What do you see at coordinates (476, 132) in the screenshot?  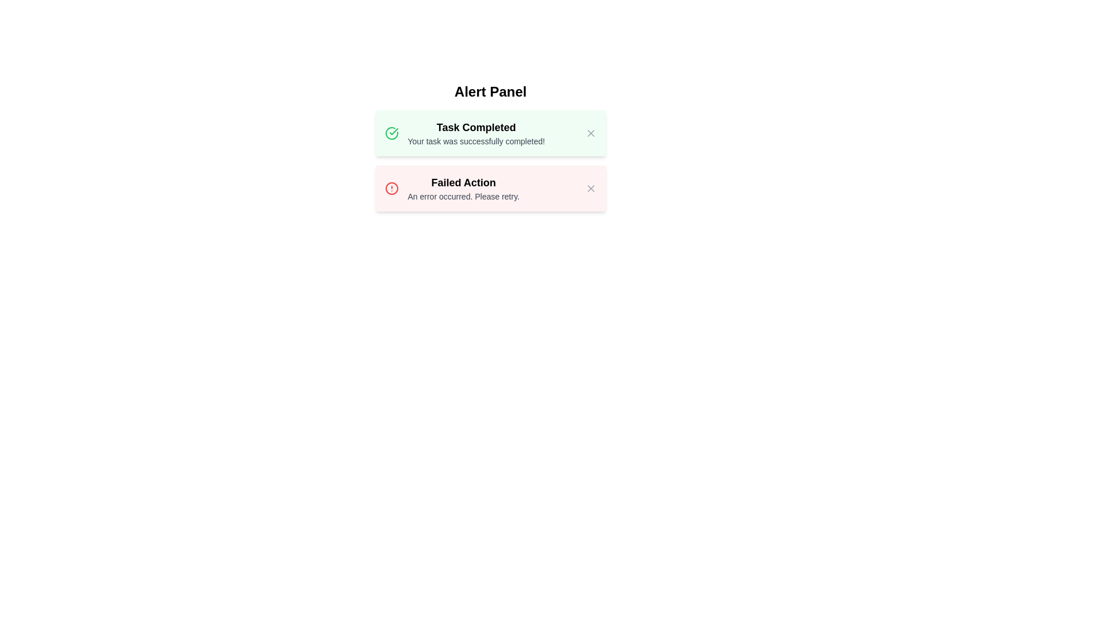 I see `the Text Display element that shows 'Task Completed' and 'Your task was successfully completed!' within the green notification box in the alert panel` at bounding box center [476, 132].